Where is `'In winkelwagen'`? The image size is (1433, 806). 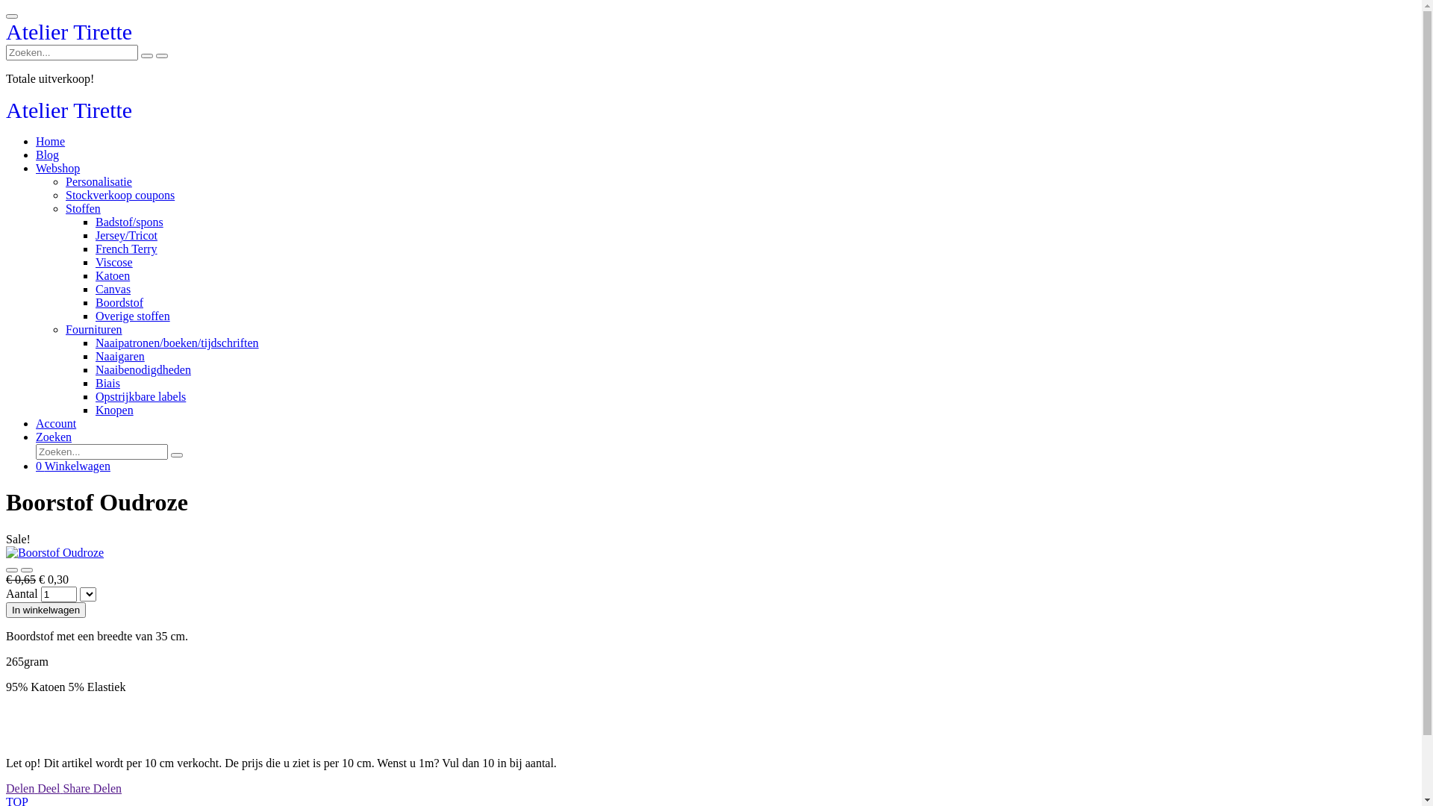
'In winkelwagen' is located at coordinates (46, 610).